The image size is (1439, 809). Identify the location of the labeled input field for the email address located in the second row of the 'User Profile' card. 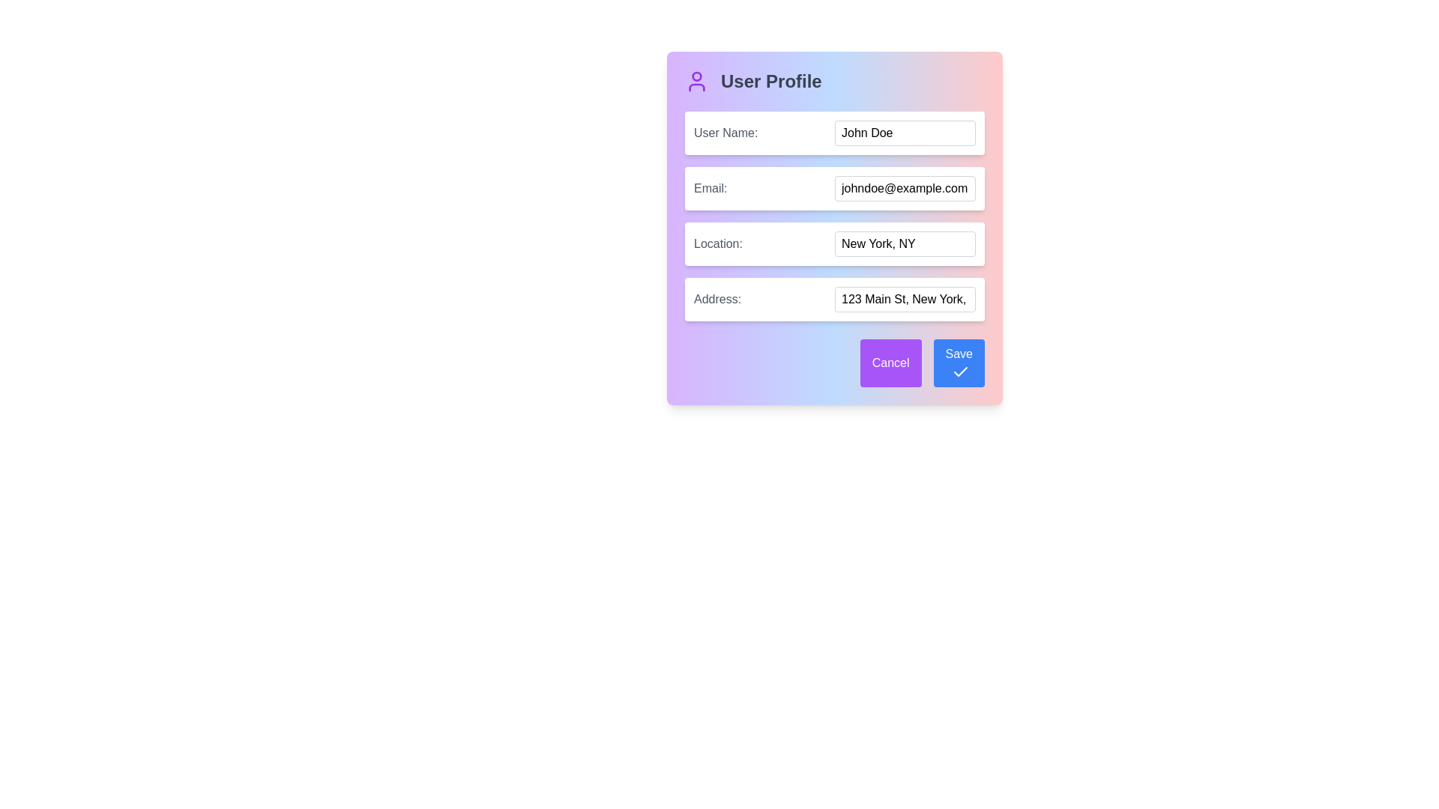
(833, 187).